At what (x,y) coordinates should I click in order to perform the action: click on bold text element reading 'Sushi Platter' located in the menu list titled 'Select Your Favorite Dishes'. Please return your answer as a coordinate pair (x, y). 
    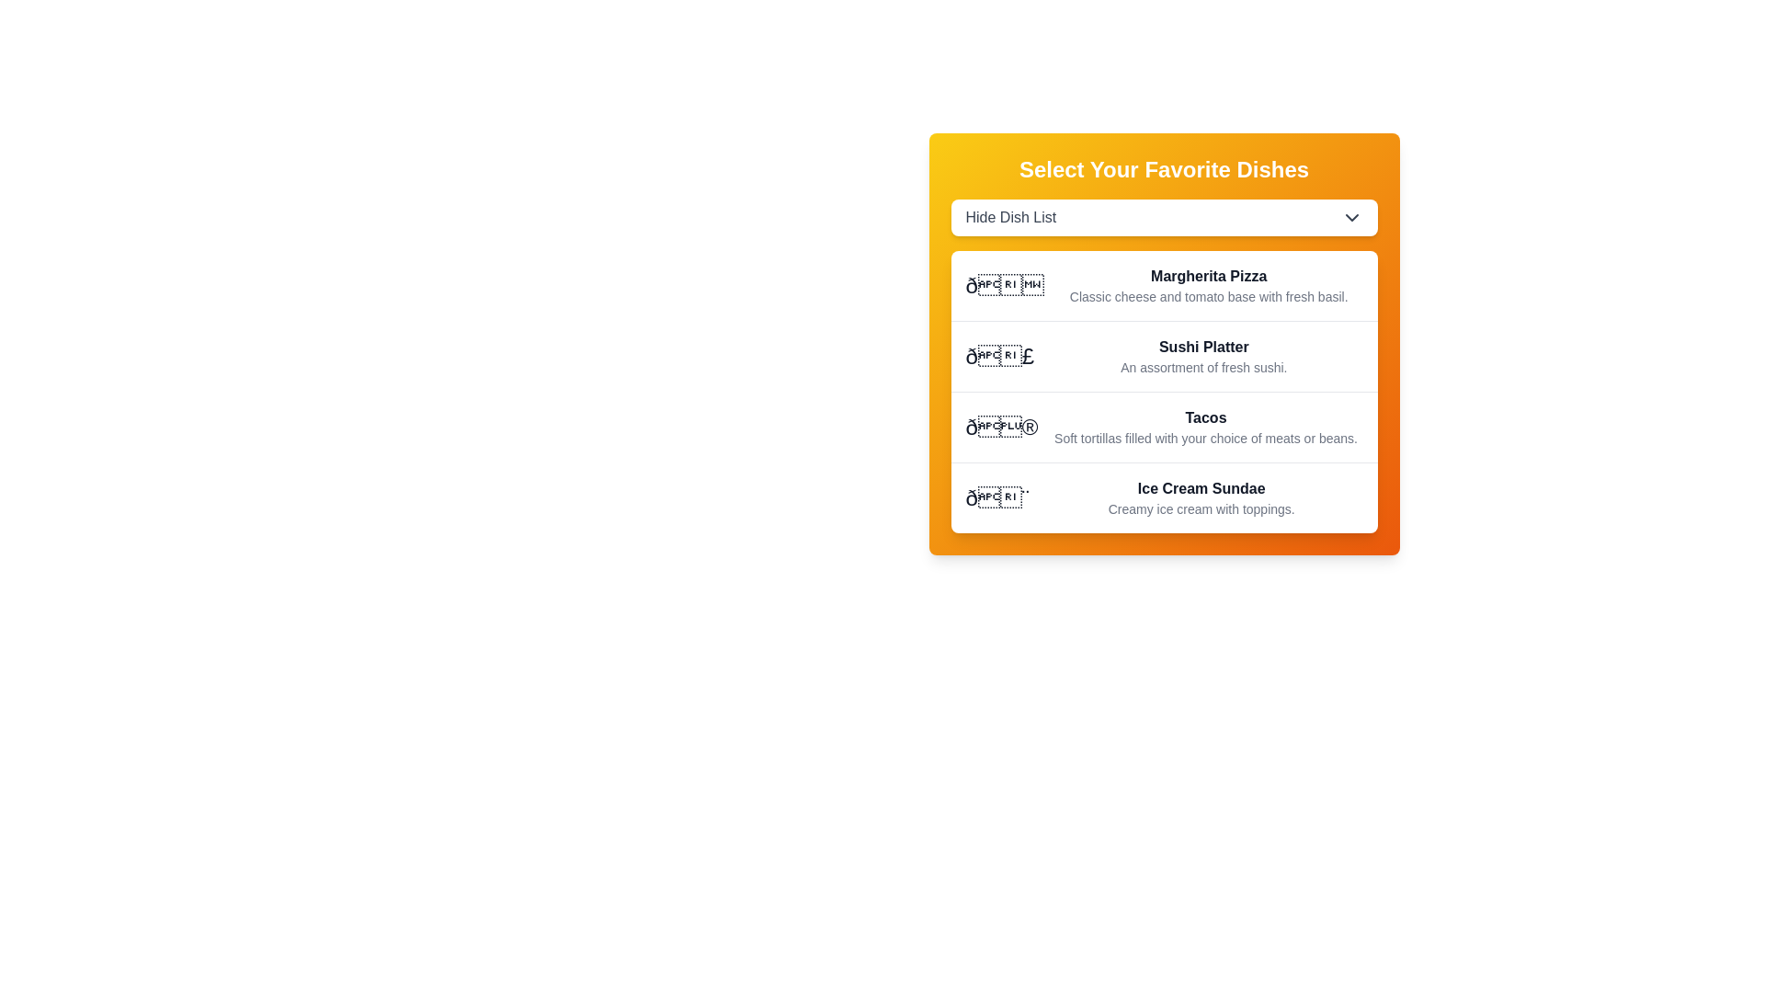
    Looking at the image, I should click on (1203, 348).